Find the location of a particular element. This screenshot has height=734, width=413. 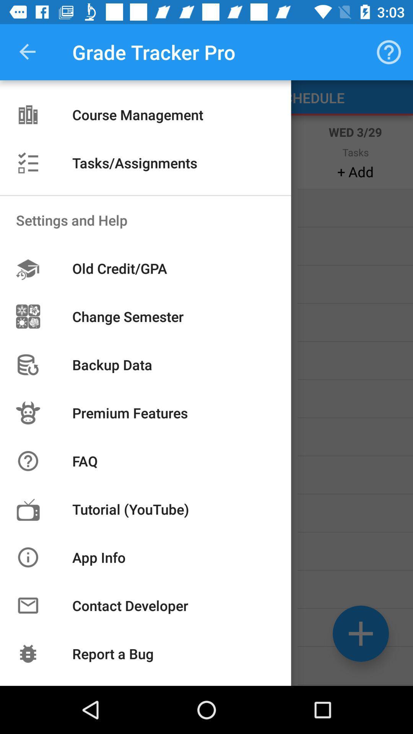

the list icon is located at coordinates (23, 145).